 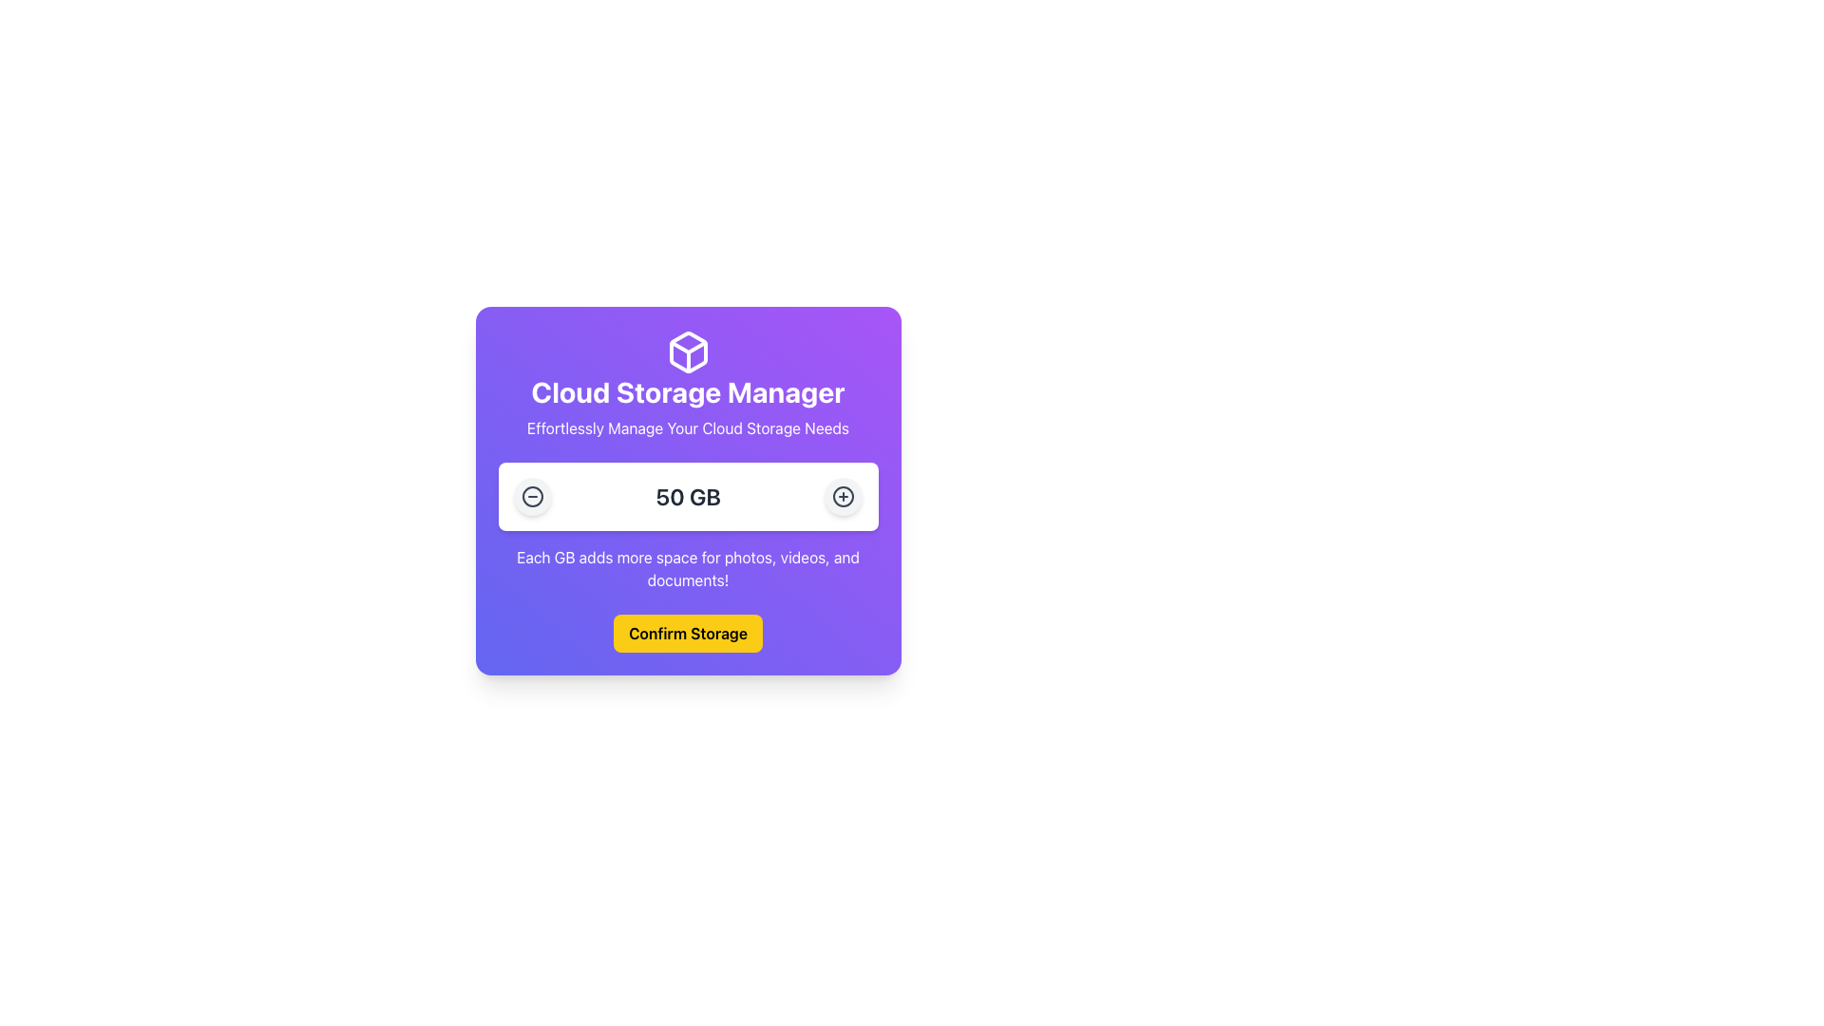 What do you see at coordinates (687, 634) in the screenshot?
I see `the 'Confirm Storage' button, which is centrally positioned at the bottom of a card with a gradient purple background, below the text about adding space for photos, videos, and documents` at bounding box center [687, 634].